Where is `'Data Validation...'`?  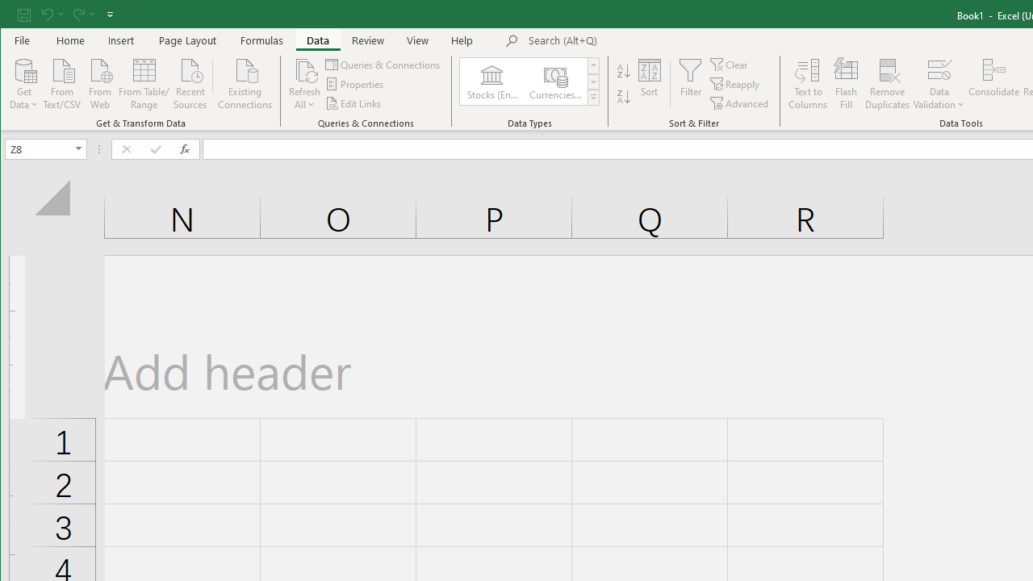
'Data Validation...' is located at coordinates (939, 69).